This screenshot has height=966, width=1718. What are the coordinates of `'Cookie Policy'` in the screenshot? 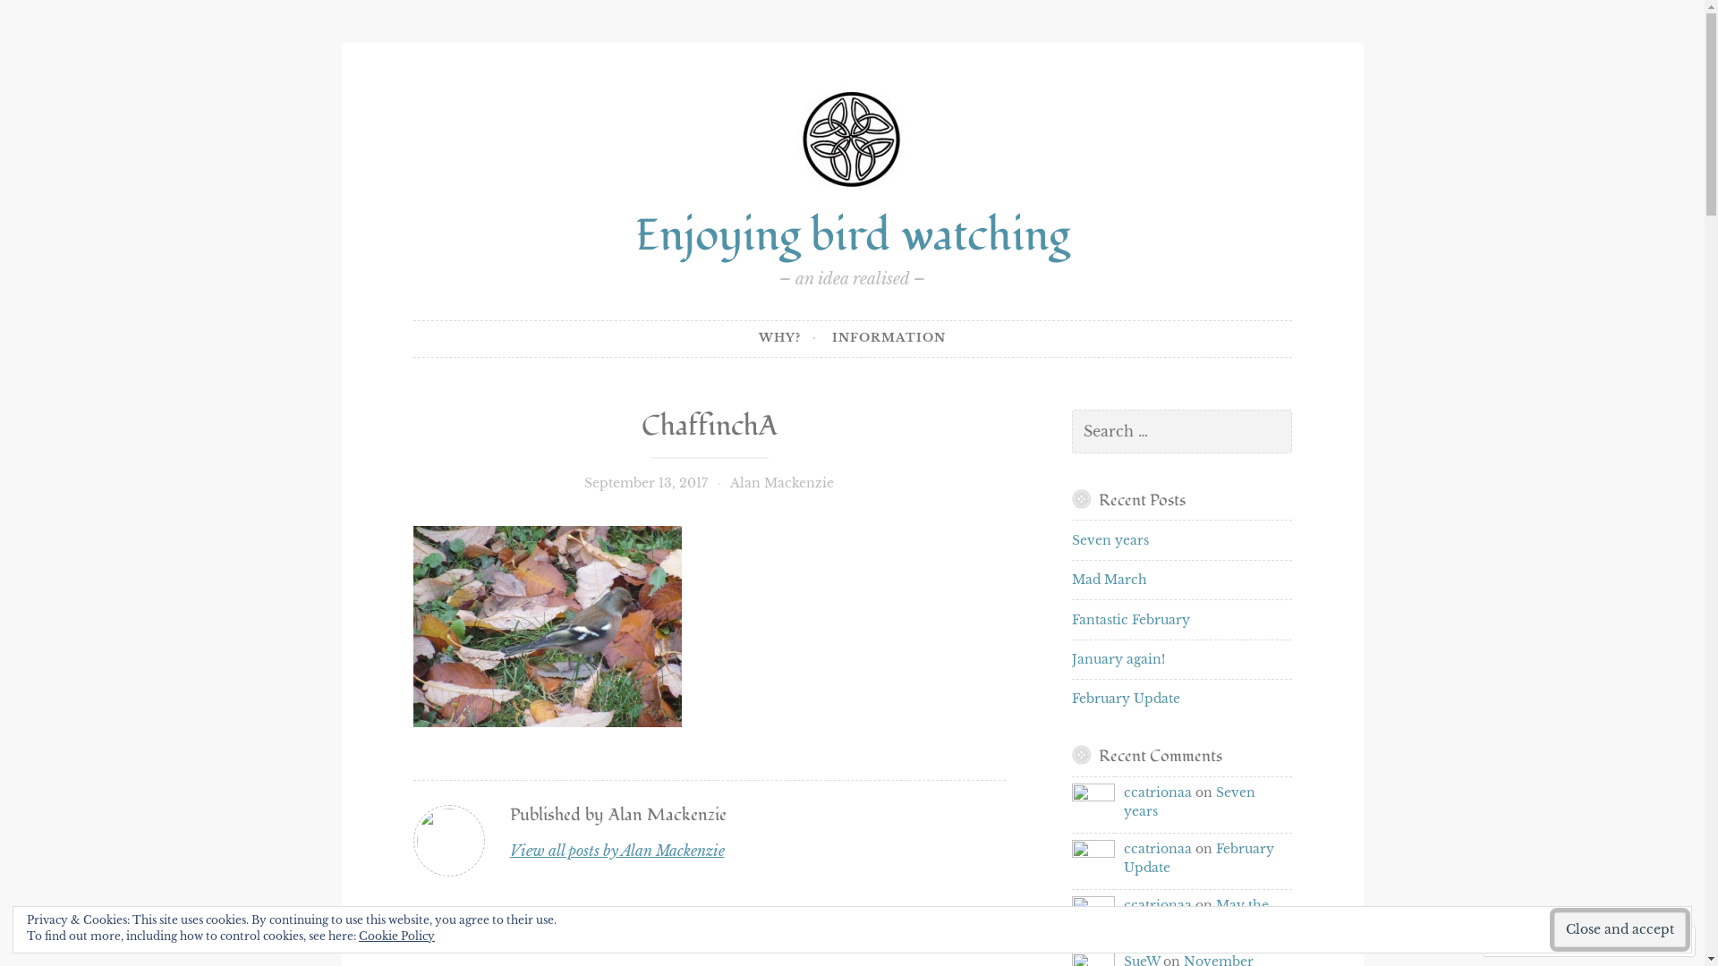 It's located at (395, 935).